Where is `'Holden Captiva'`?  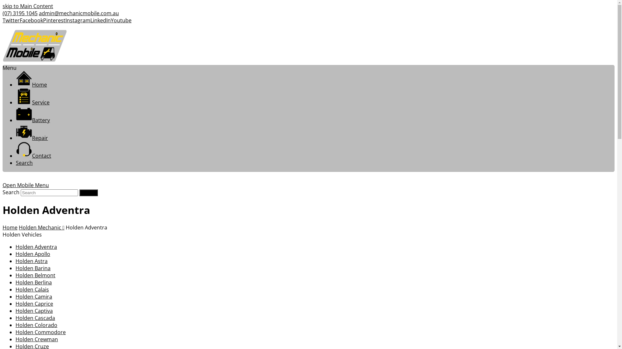 'Holden Captiva' is located at coordinates (34, 310).